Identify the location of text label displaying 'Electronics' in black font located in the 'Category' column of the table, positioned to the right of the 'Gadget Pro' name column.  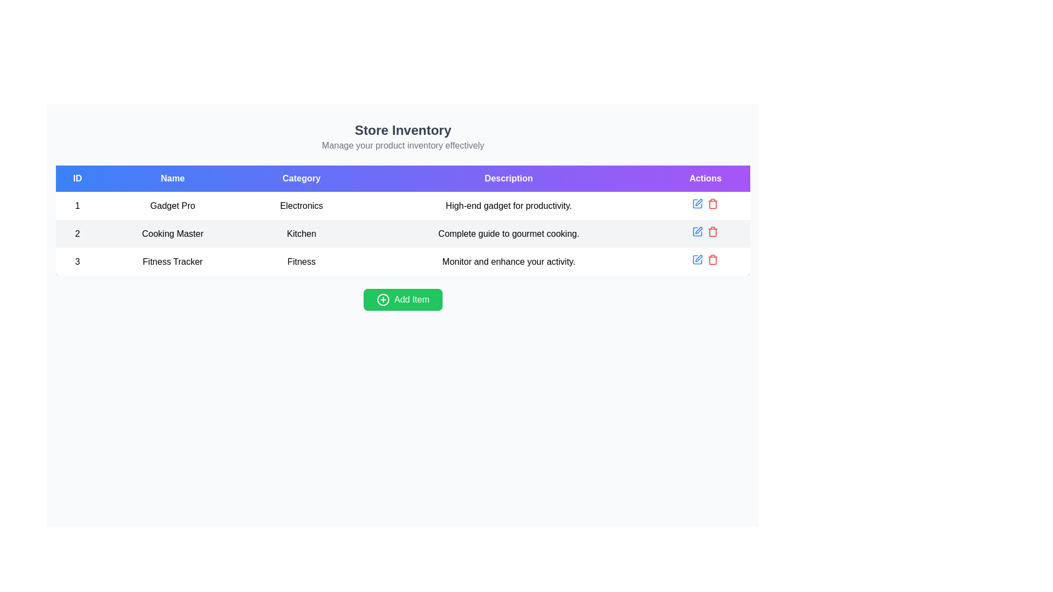
(301, 206).